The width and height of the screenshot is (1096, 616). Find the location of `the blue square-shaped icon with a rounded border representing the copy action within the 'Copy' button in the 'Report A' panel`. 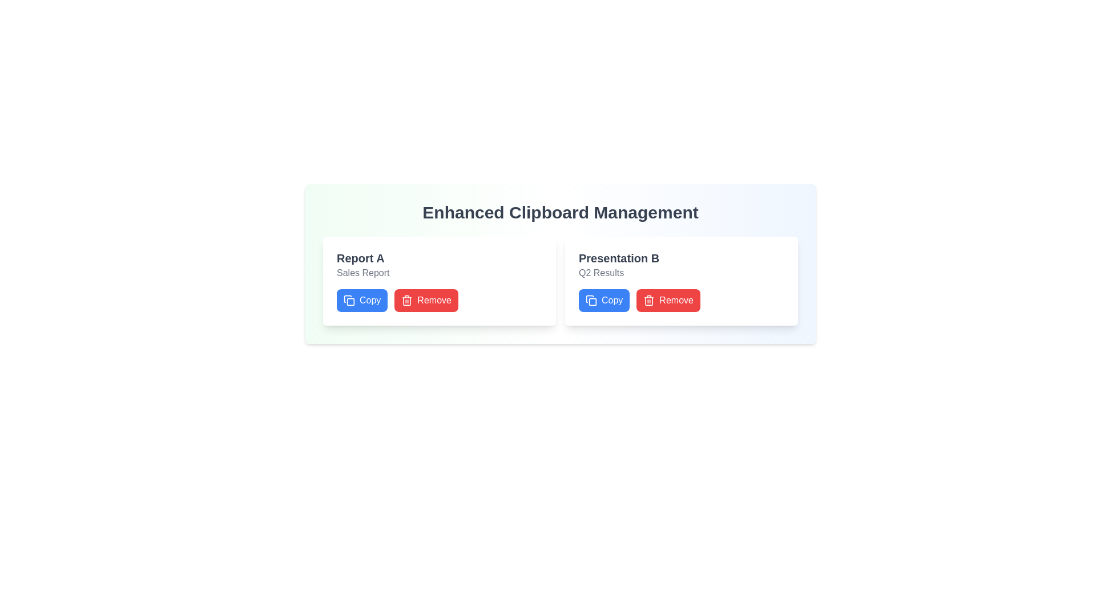

the blue square-shaped icon with a rounded border representing the copy action within the 'Copy' button in the 'Report A' panel is located at coordinates (350, 301).